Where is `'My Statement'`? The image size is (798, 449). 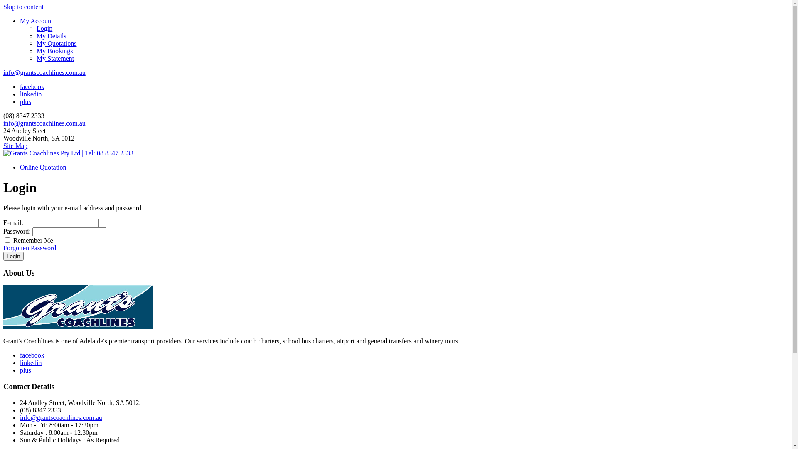 'My Statement' is located at coordinates (36, 58).